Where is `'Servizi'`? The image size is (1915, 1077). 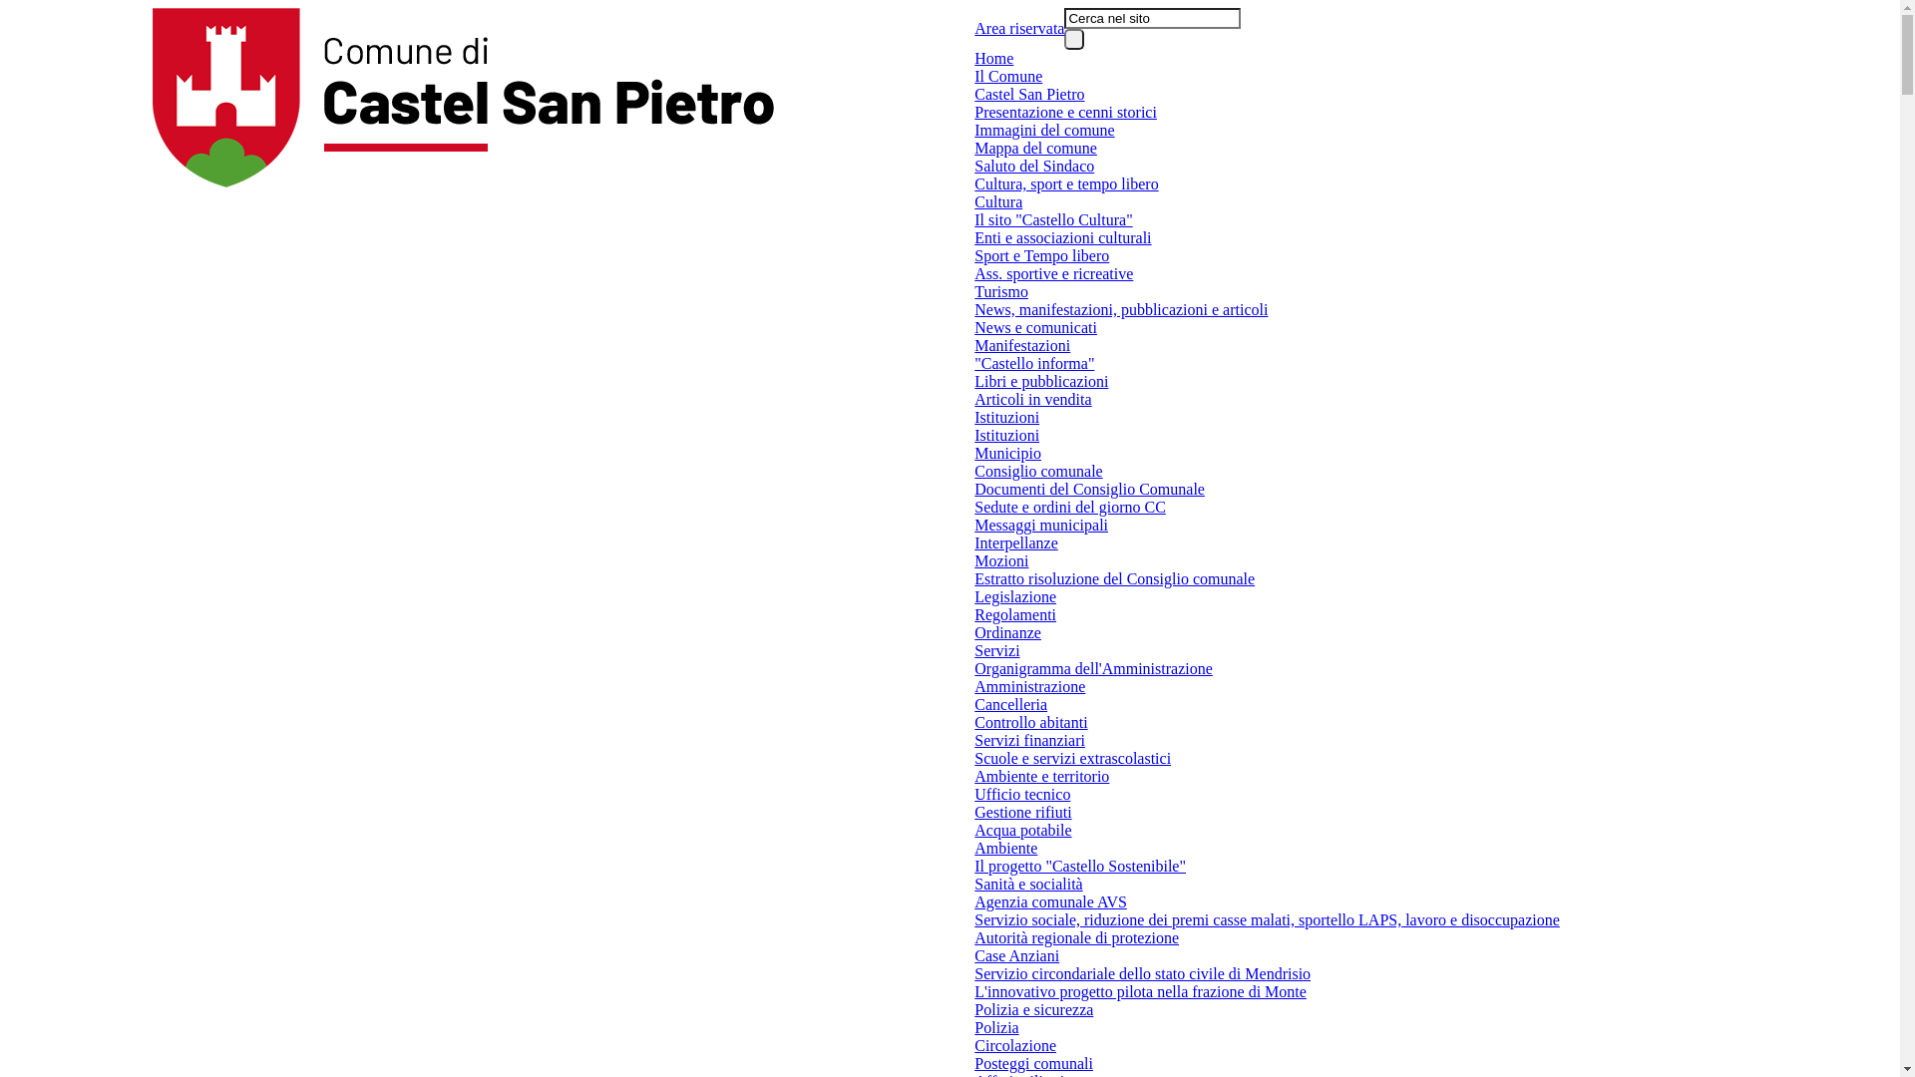 'Servizi' is located at coordinates (996, 650).